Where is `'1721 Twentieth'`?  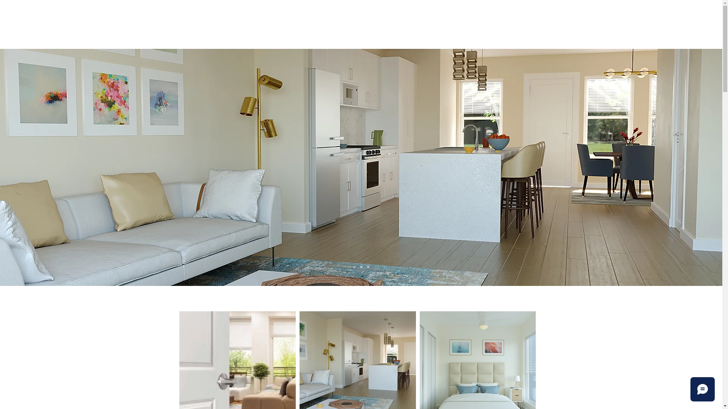
'1721 Twentieth' is located at coordinates (309, 19).